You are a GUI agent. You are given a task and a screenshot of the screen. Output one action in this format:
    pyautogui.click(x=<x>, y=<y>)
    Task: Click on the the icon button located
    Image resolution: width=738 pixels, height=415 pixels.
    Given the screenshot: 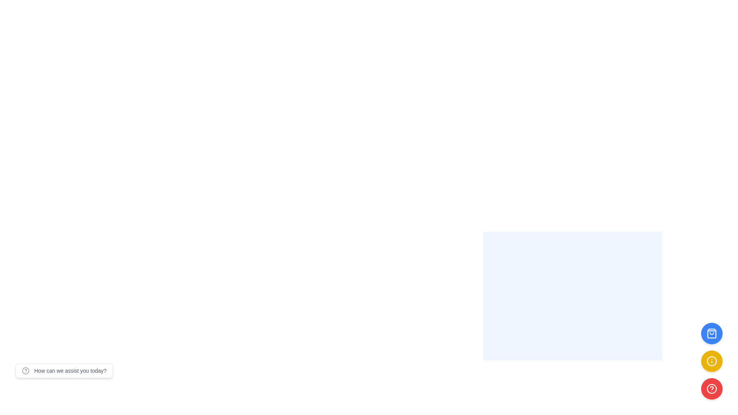 What is the action you would take?
    pyautogui.click(x=711, y=361)
    